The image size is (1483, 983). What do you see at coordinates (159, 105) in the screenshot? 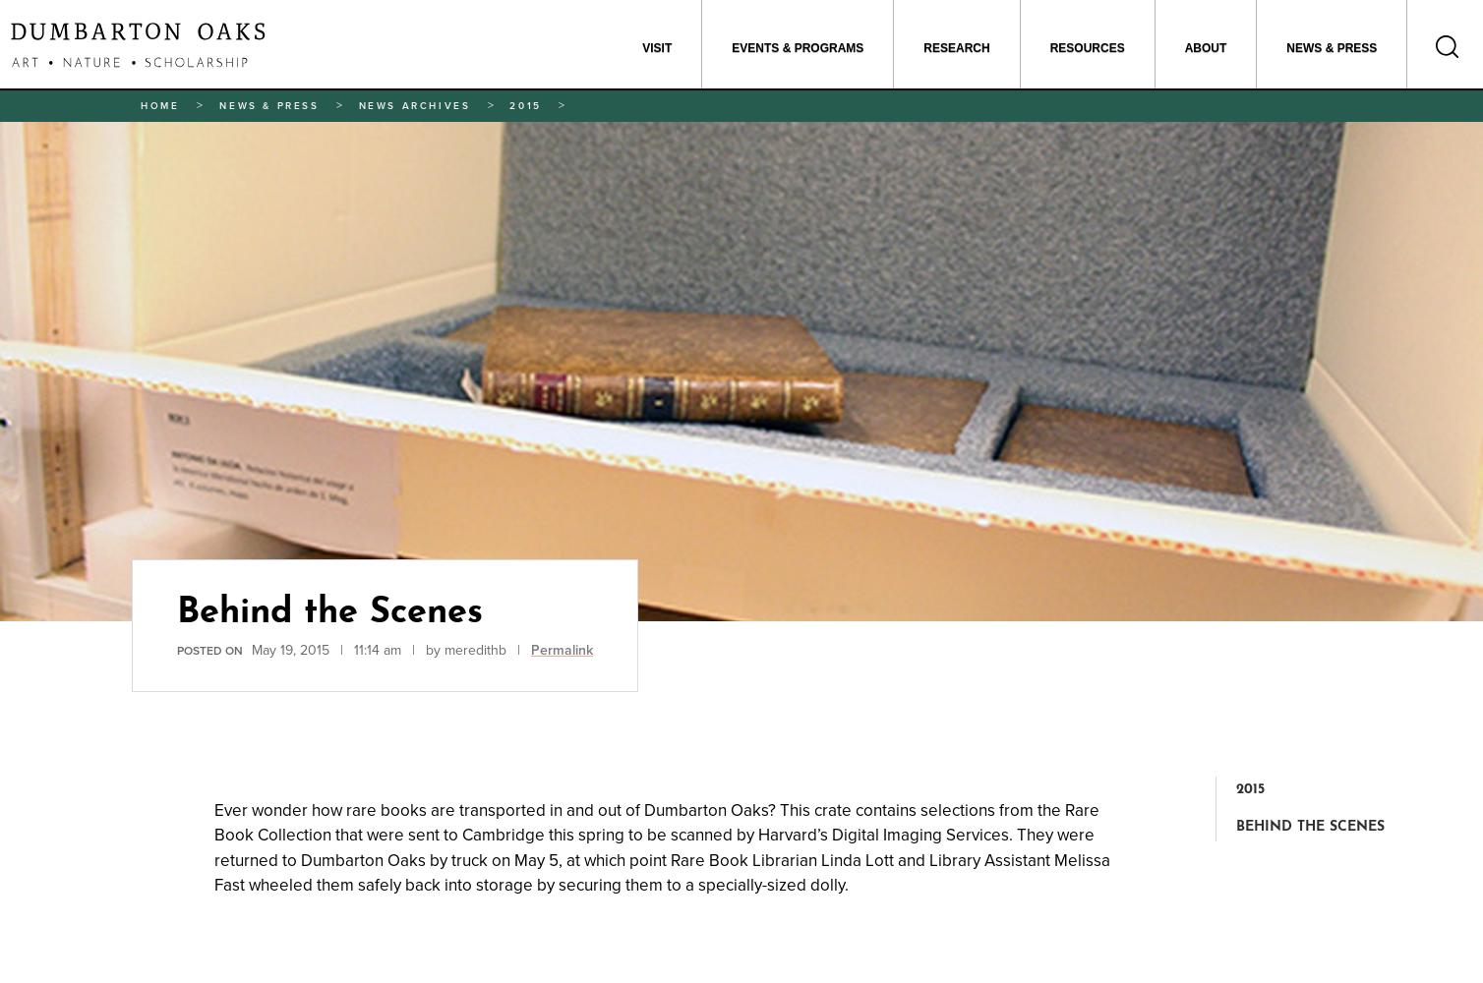
I see `'Home'` at bounding box center [159, 105].